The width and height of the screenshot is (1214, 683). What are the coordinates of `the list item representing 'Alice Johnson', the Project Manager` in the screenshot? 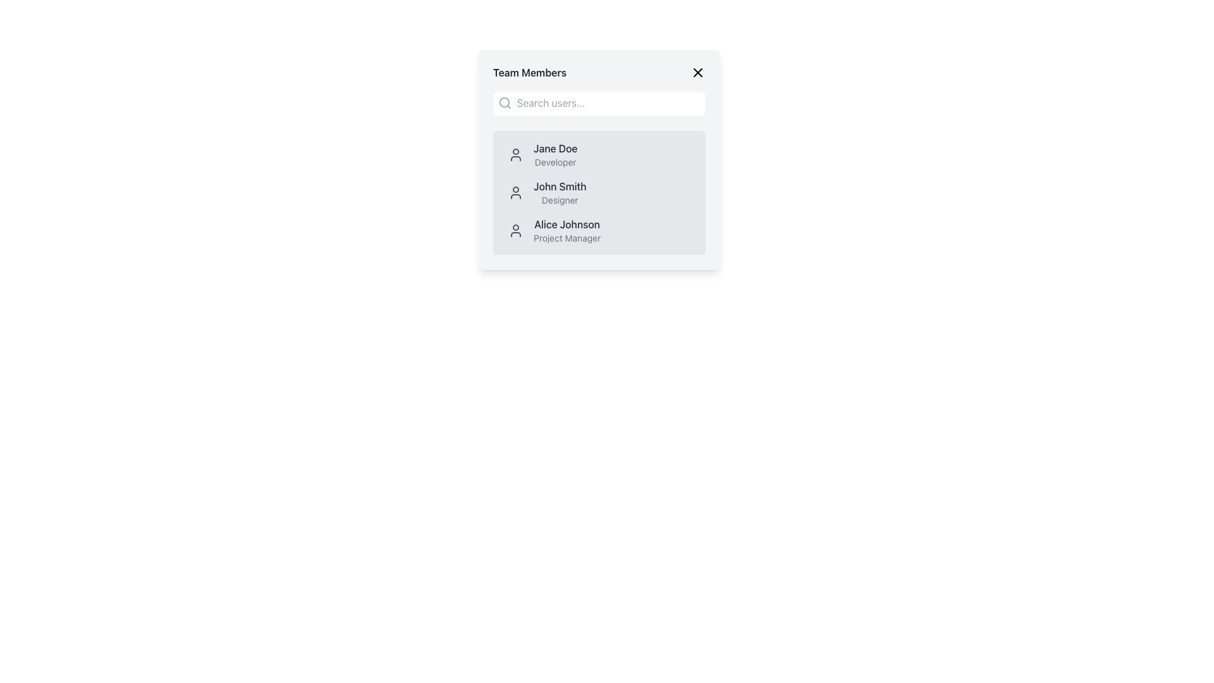 It's located at (599, 231).